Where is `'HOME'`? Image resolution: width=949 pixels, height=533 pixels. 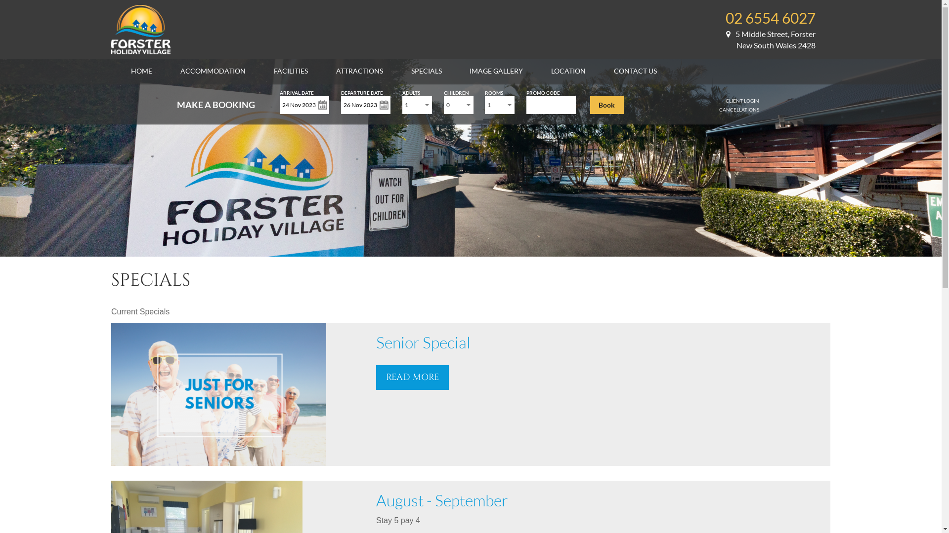 'HOME' is located at coordinates (141, 70).